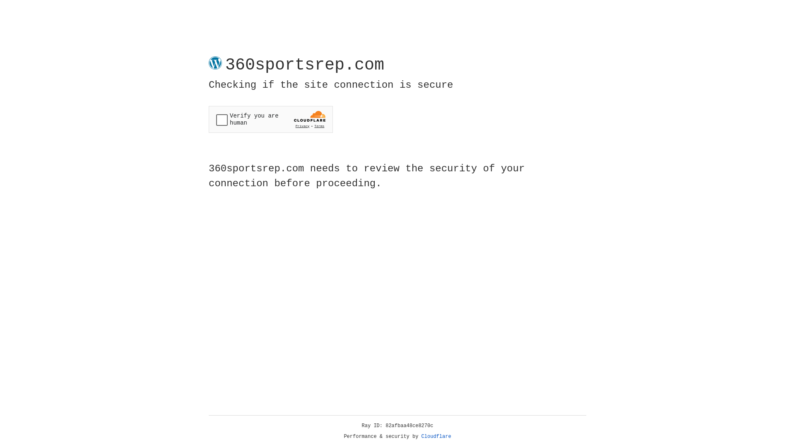 Image resolution: width=795 pixels, height=447 pixels. What do you see at coordinates (436, 436) in the screenshot?
I see `'Cloudflare'` at bounding box center [436, 436].